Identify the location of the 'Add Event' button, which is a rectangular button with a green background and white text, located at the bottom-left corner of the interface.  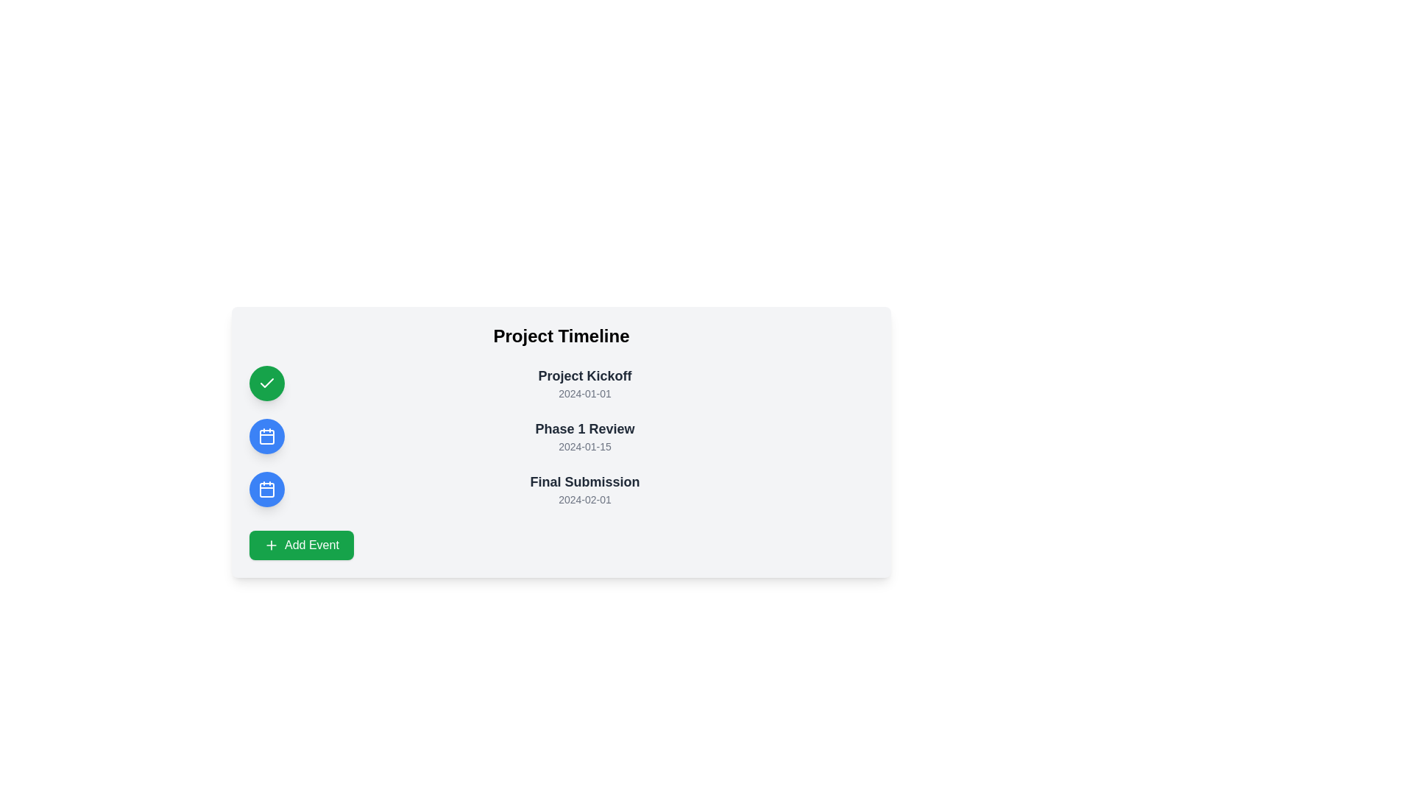
(300, 545).